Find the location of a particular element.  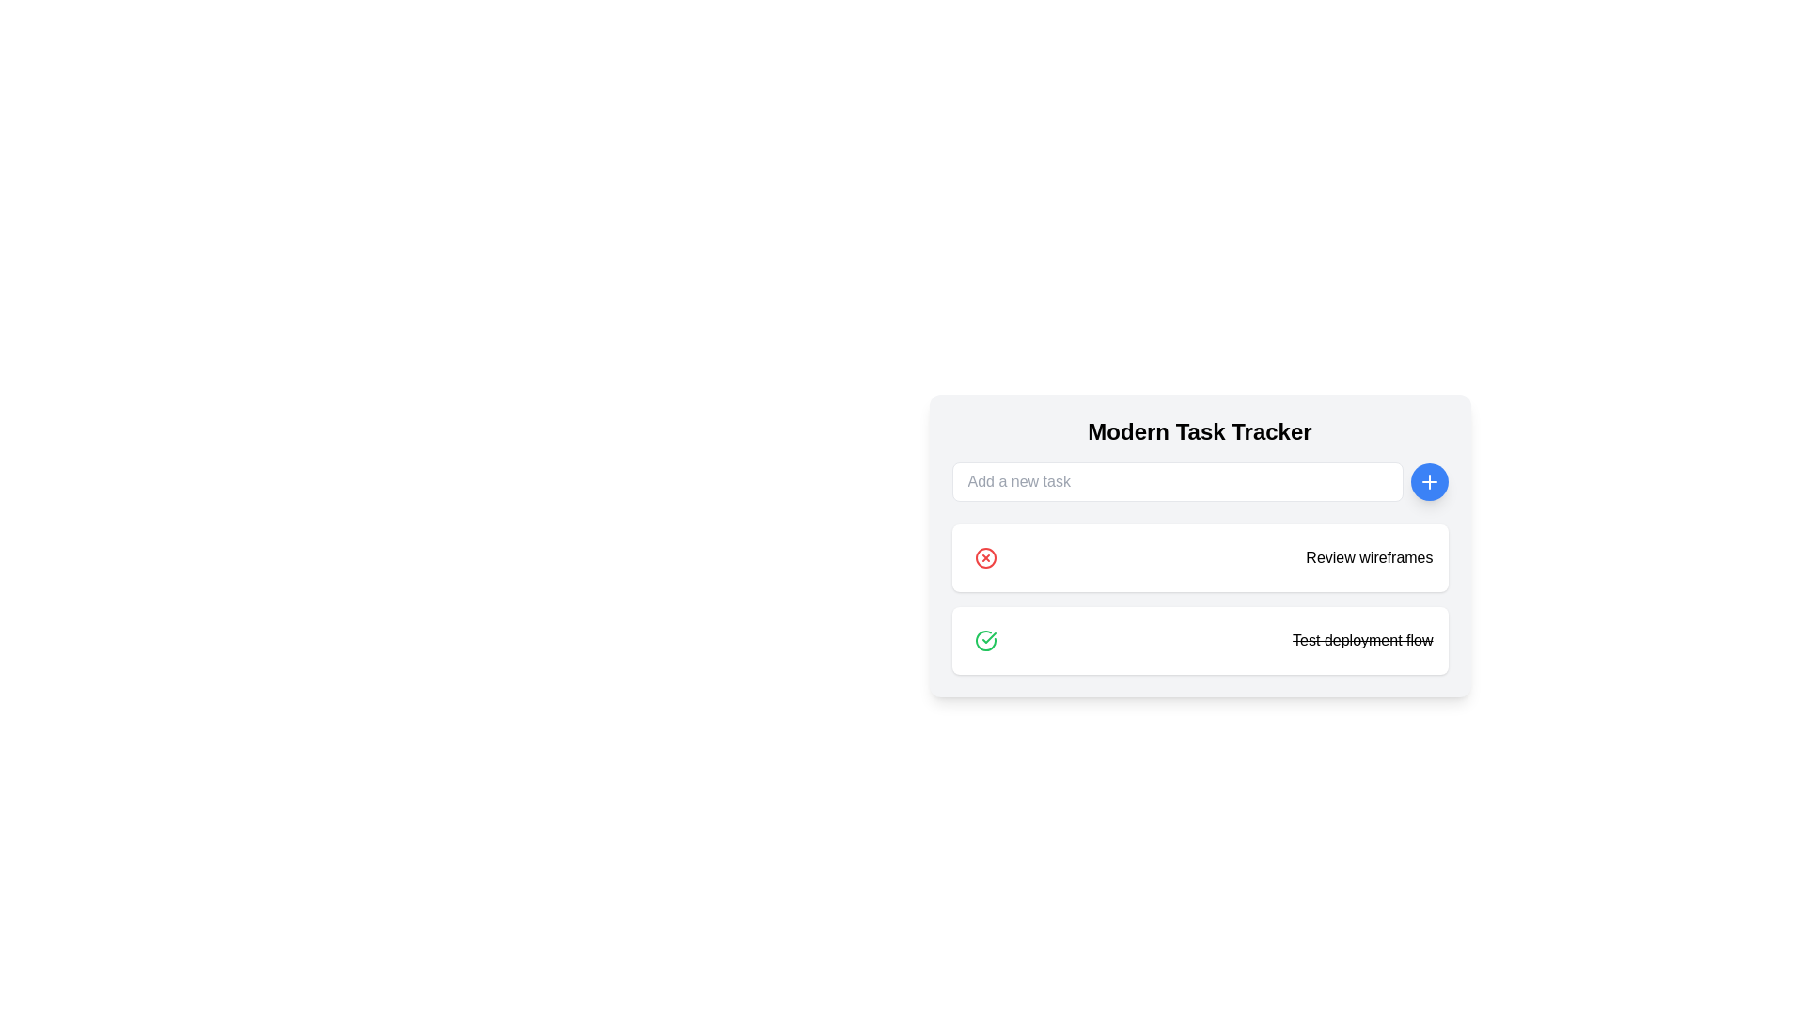

the circular blue button with a white plus sign ('+') is located at coordinates (1429, 481).